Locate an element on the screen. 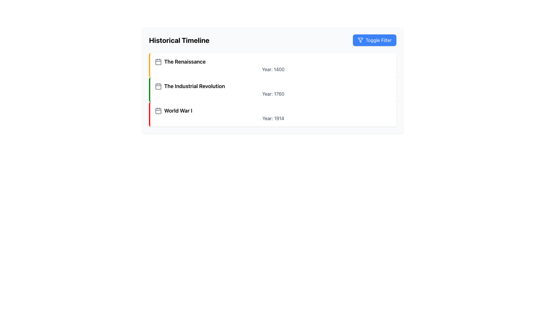 The height and width of the screenshot is (315, 560). the third calendar icon in the timeline corresponding to 'World War I', which has a minimalistic gray design and rounded corners is located at coordinates (158, 111).